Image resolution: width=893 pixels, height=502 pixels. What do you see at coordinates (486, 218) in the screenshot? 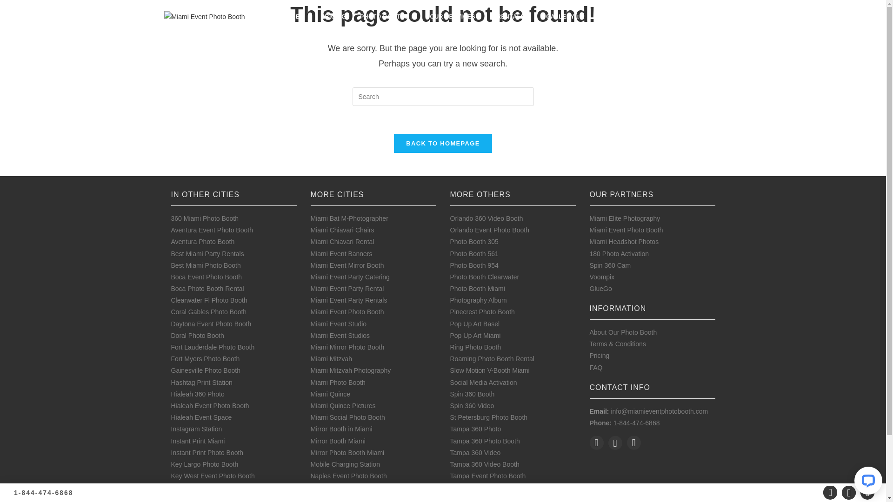
I see `'Orlando 360 Video Booth'` at bounding box center [486, 218].